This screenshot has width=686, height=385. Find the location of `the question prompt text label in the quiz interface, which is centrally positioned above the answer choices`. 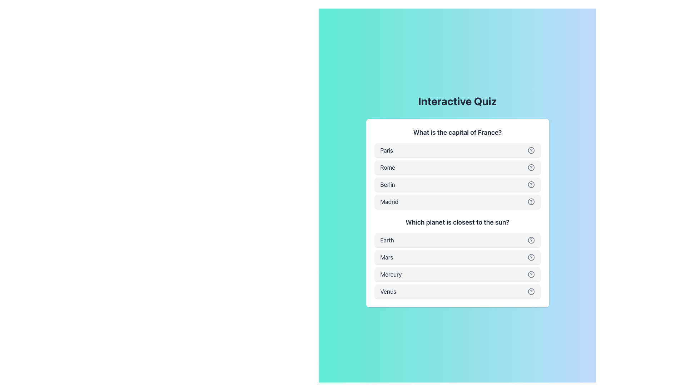

the question prompt text label in the quiz interface, which is centrally positioned above the answer choices is located at coordinates (457, 222).